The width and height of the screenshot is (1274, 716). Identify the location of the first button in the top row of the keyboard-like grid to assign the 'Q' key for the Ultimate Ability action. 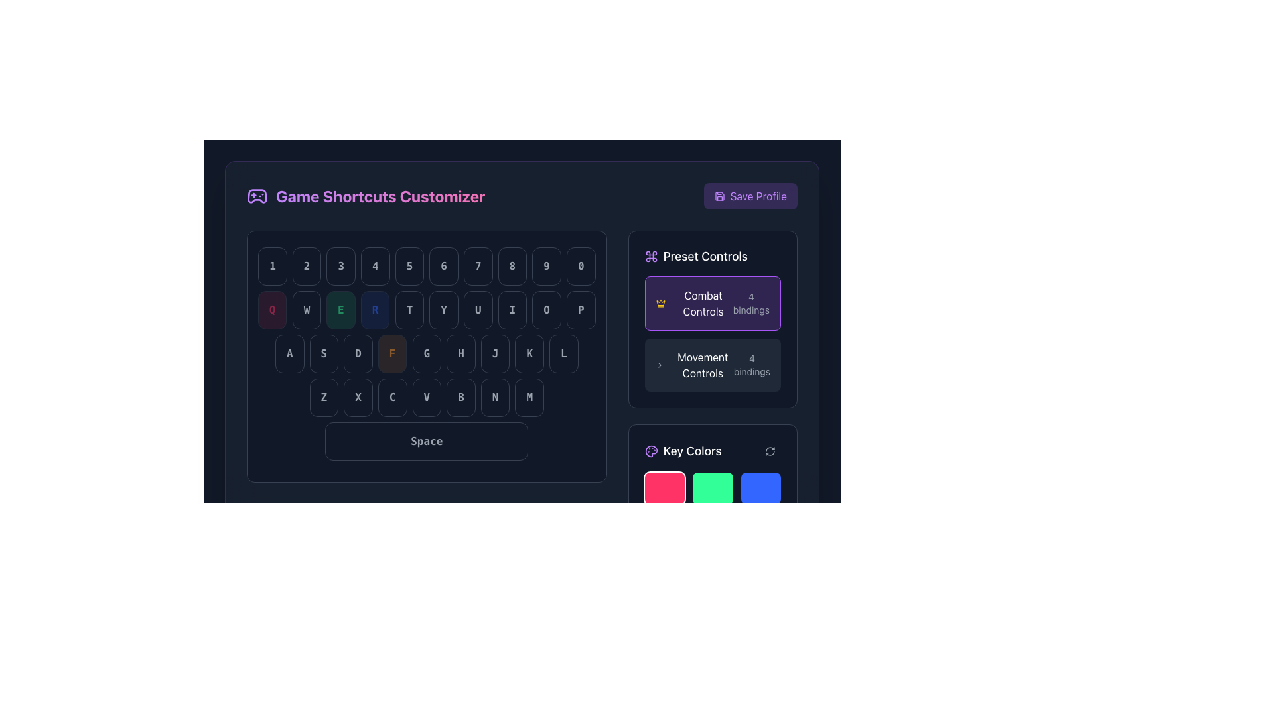
(271, 310).